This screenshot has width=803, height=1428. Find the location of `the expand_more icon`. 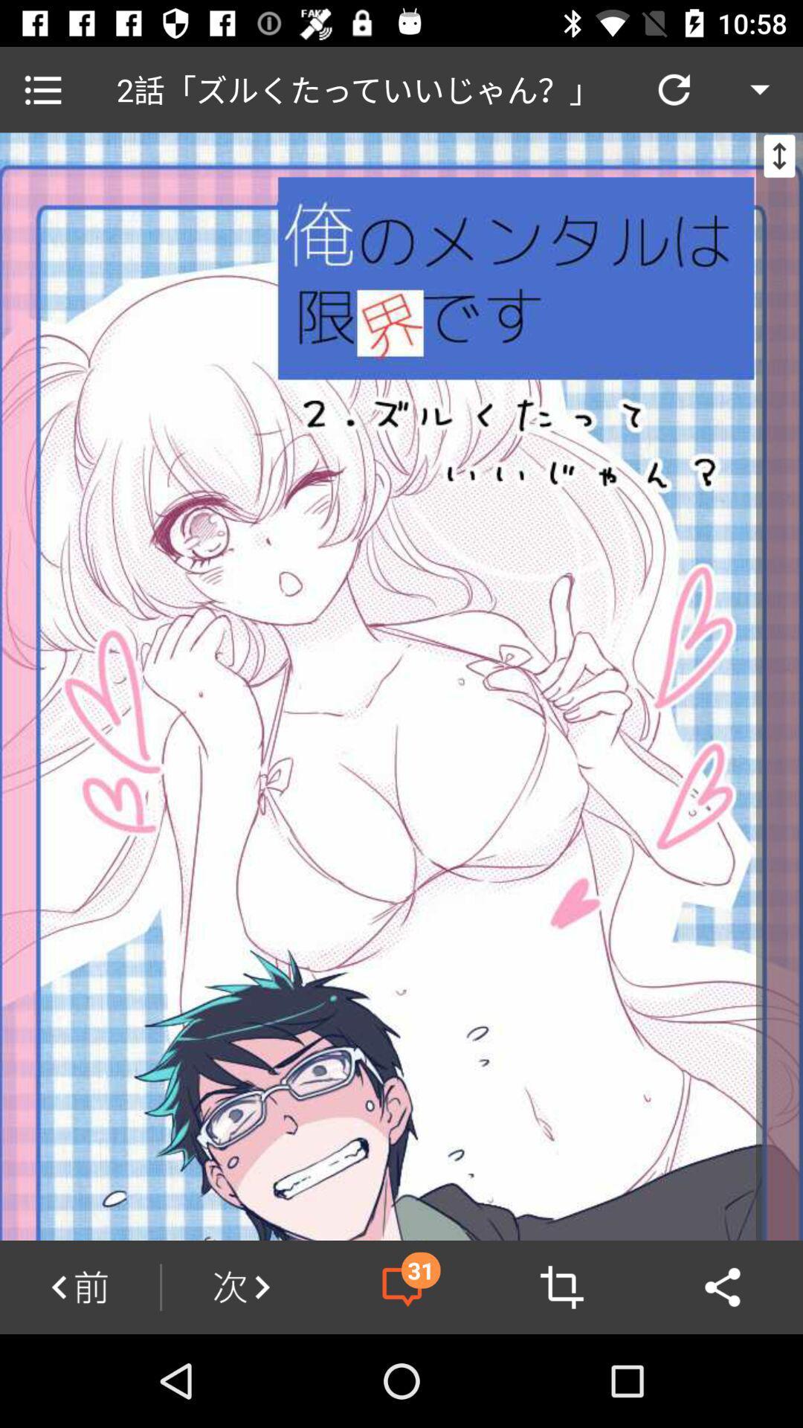

the expand_more icon is located at coordinates (760, 89).